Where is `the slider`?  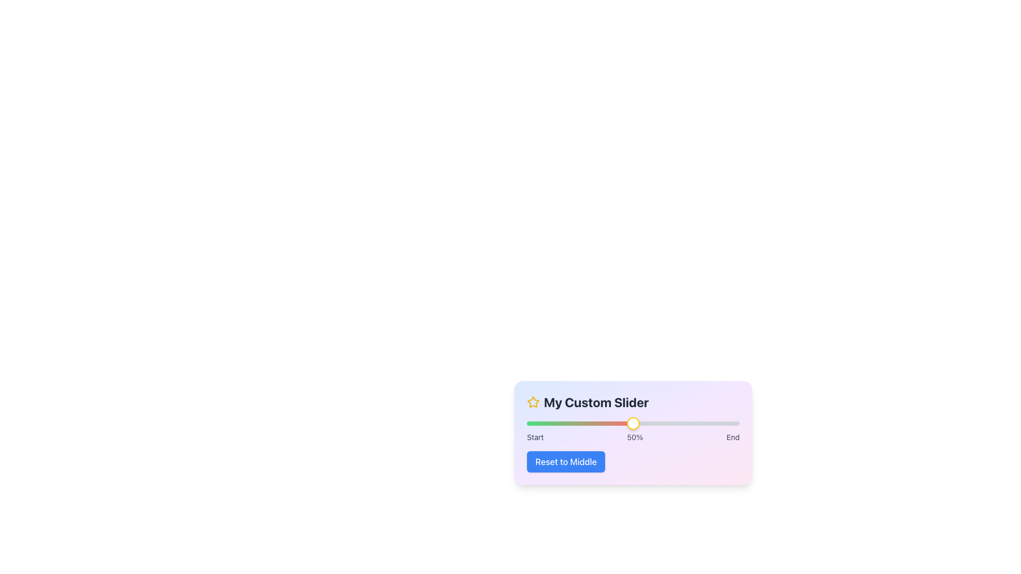
the slider is located at coordinates (665, 423).